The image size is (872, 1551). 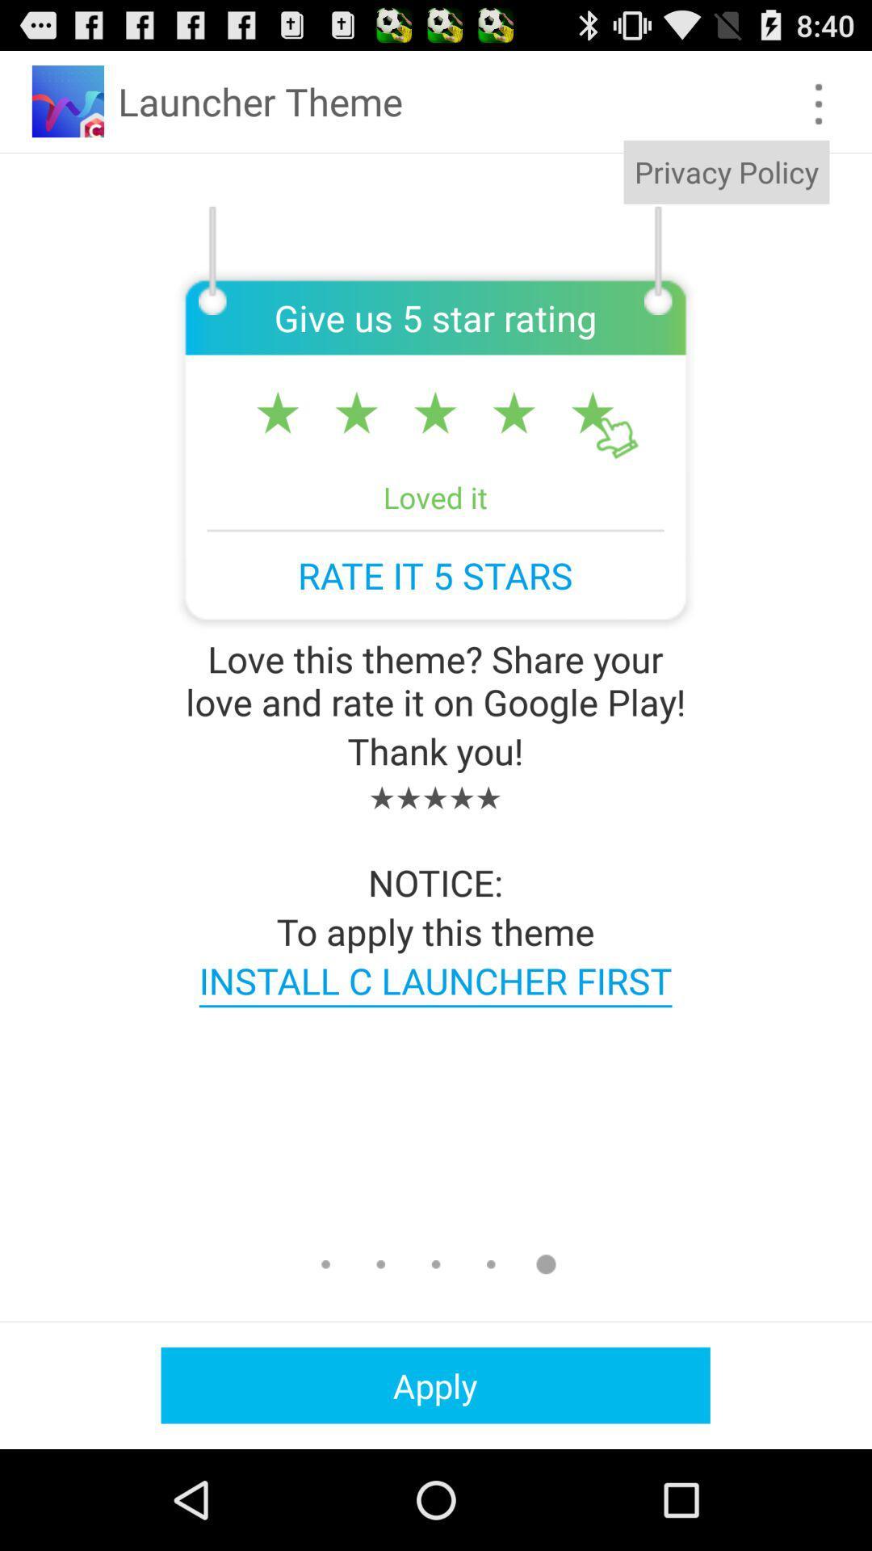 What do you see at coordinates (819, 103) in the screenshot?
I see `more options` at bounding box center [819, 103].